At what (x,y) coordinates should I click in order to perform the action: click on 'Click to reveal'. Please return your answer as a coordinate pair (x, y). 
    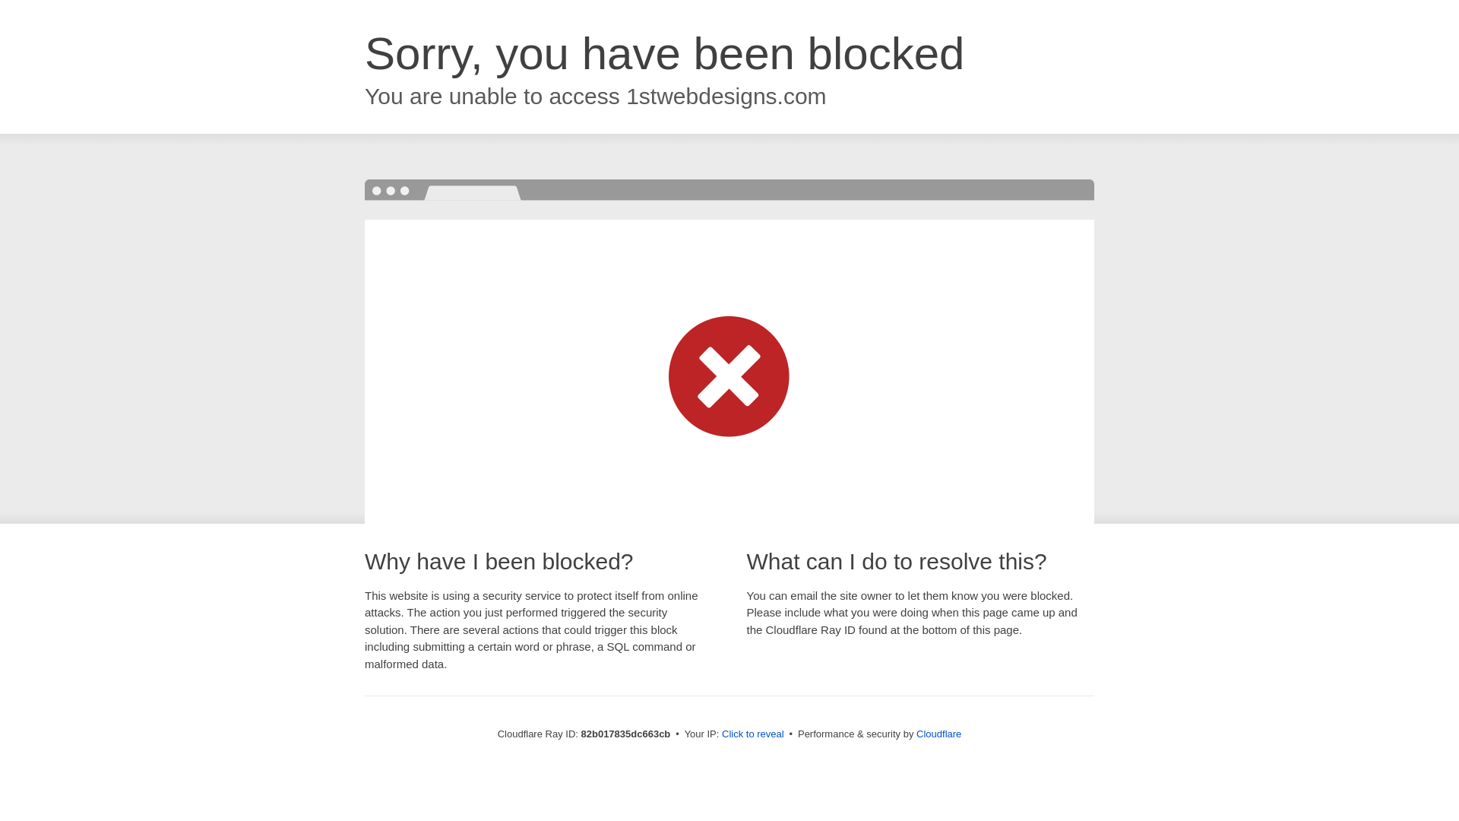
    Looking at the image, I should click on (752, 733).